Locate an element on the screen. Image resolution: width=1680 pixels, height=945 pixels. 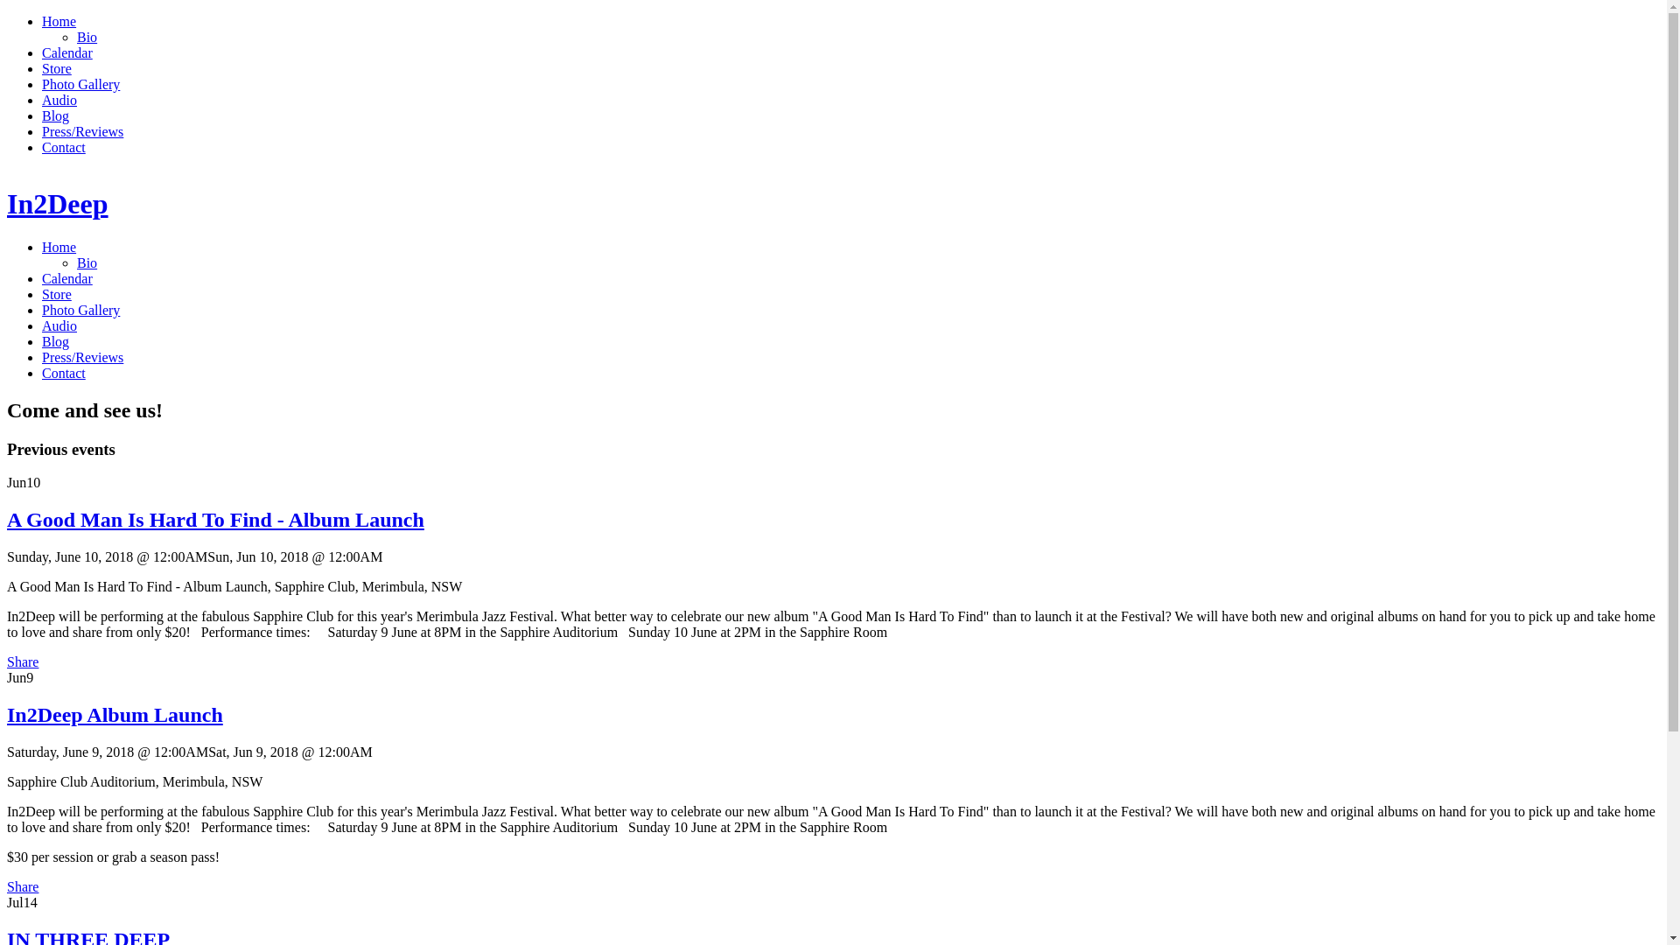
'In2Deep' is located at coordinates (7, 202).